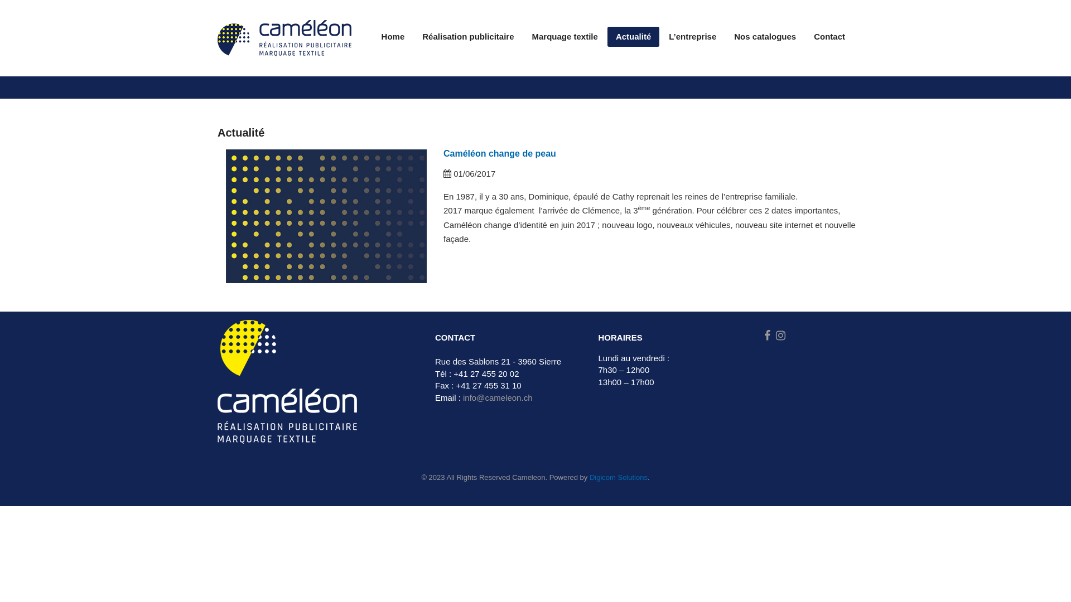  I want to click on 'Home', so click(393, 36).